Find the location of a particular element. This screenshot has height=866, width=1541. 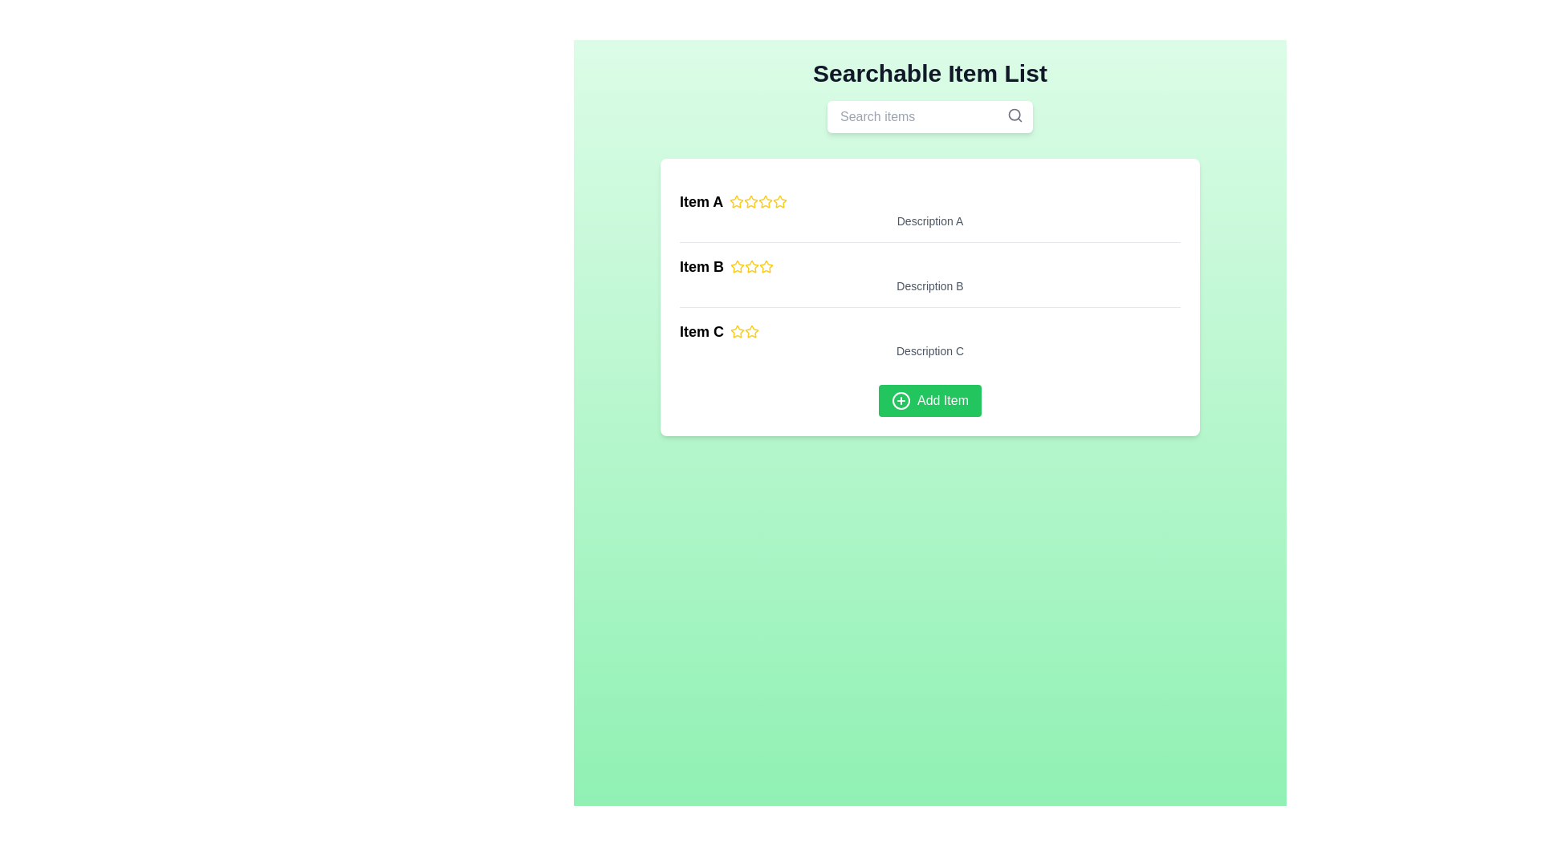

the third star icon in the rating section is located at coordinates (765, 200).